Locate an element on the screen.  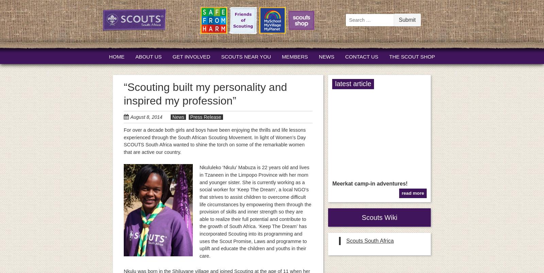
'August 8, 2014' is located at coordinates (146, 117).